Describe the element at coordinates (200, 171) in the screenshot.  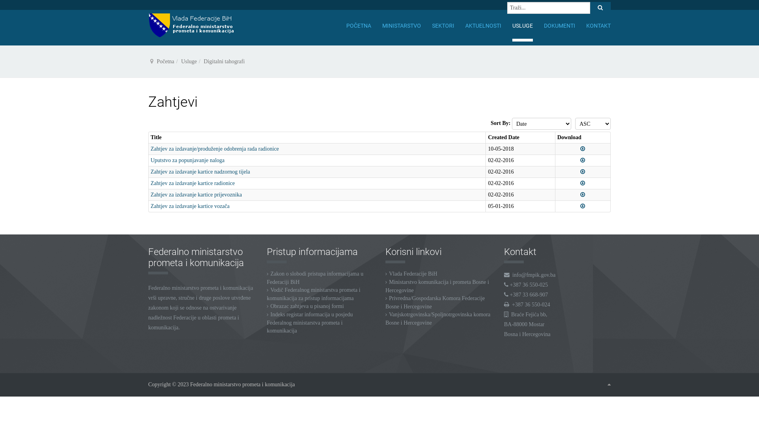
I see `'Zahtjev za izdavanje kartice nadzornog tijela'` at that location.